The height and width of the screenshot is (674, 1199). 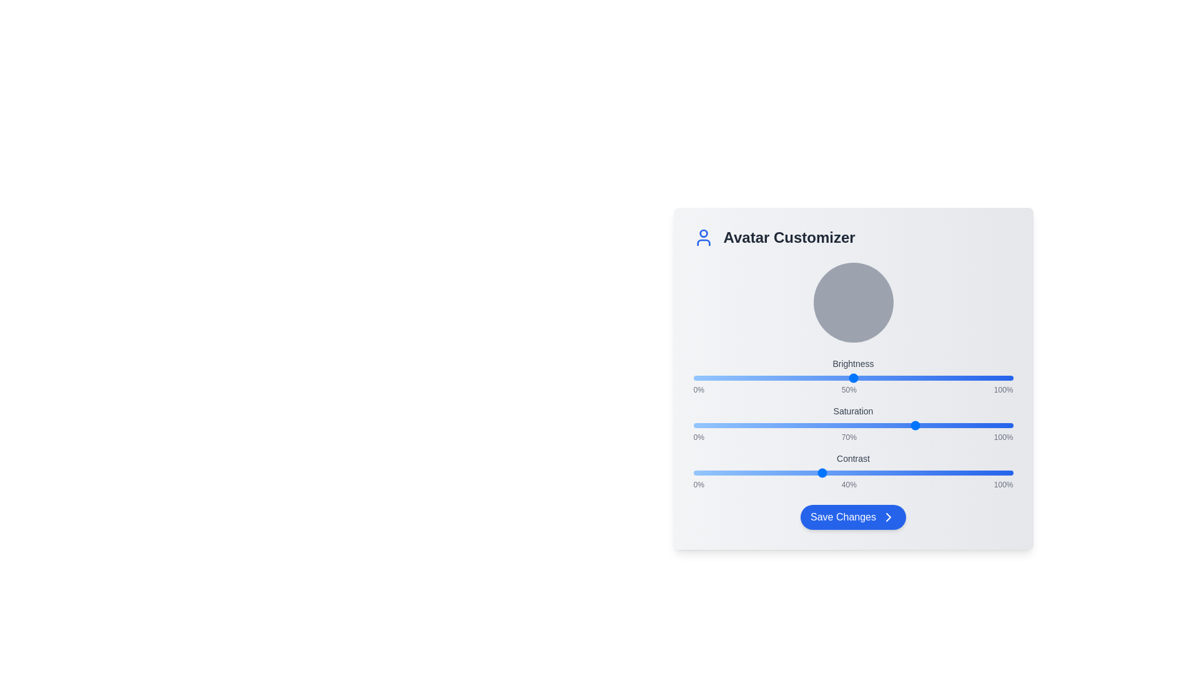 What do you see at coordinates (955, 473) in the screenshot?
I see `the contrast slider to 82%` at bounding box center [955, 473].